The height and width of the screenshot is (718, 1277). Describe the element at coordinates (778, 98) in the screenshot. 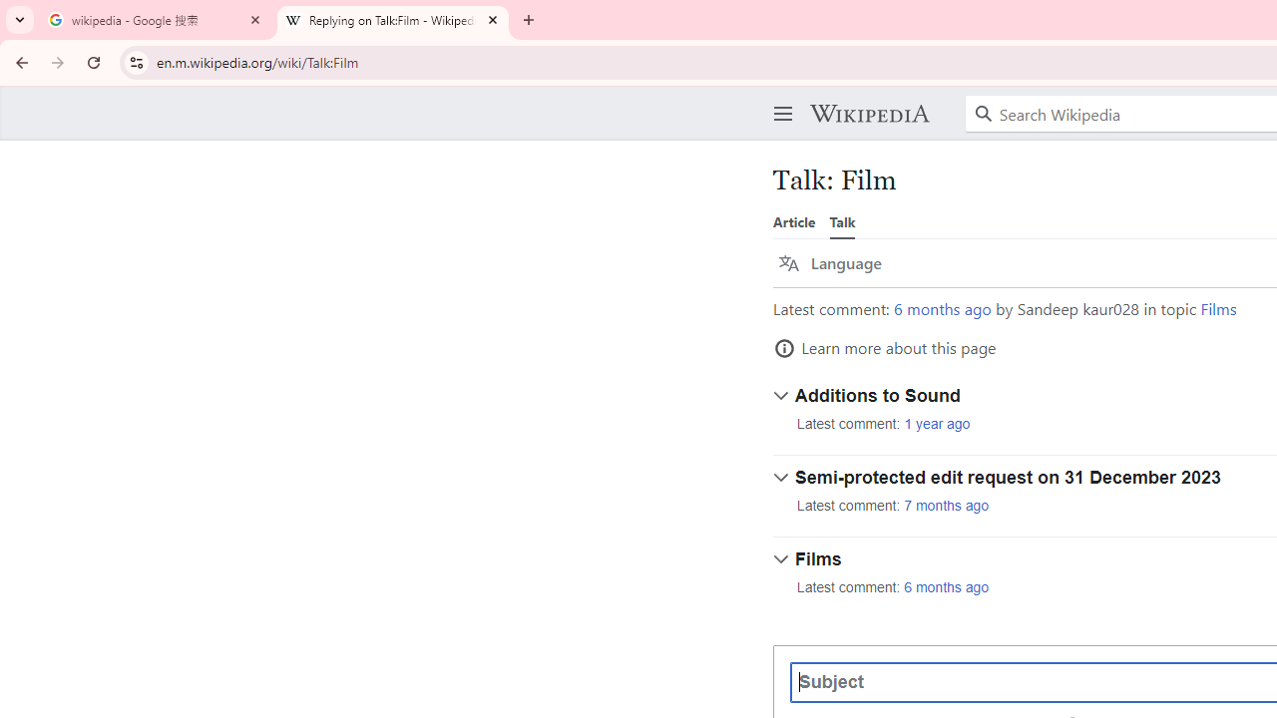

I see `'AutomationID: main-menu-input'` at that location.